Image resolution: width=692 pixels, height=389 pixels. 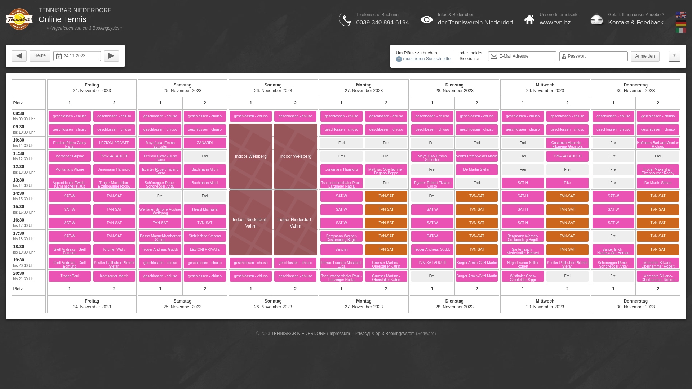 I want to click on 'Montanaris Alpine', so click(x=70, y=169).